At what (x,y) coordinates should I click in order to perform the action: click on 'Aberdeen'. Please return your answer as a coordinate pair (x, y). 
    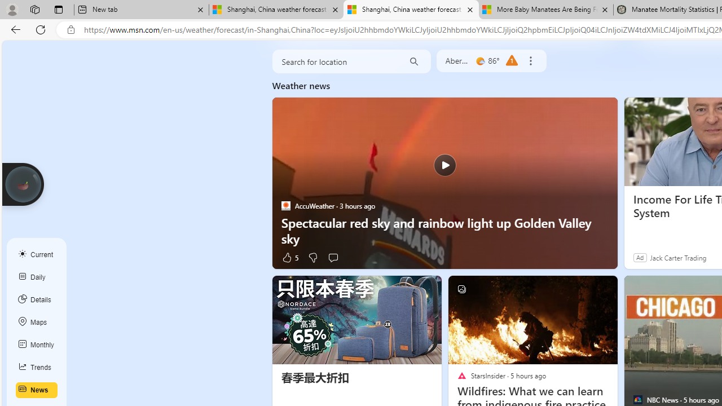
    Looking at the image, I should click on (457, 61).